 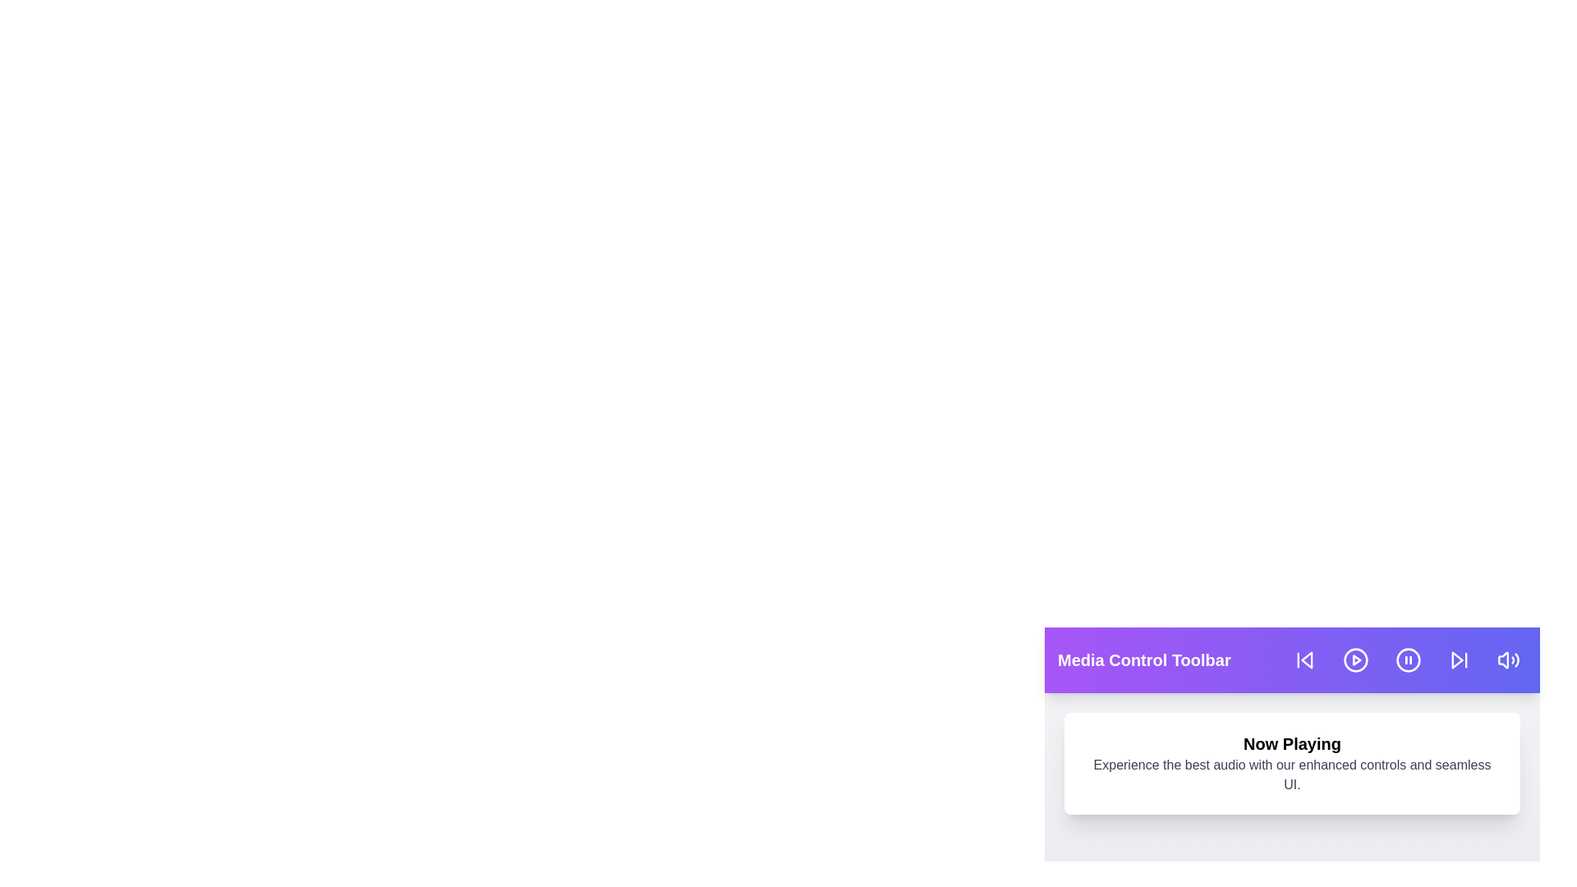 What do you see at coordinates (1509, 659) in the screenshot?
I see `the volume button in the media control toolbar` at bounding box center [1509, 659].